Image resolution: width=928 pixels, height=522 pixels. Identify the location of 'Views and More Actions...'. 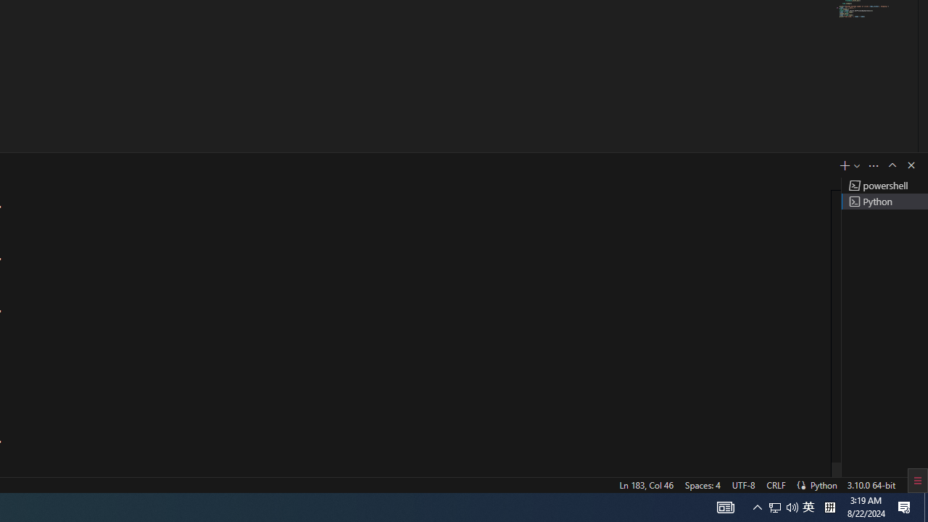
(873, 165).